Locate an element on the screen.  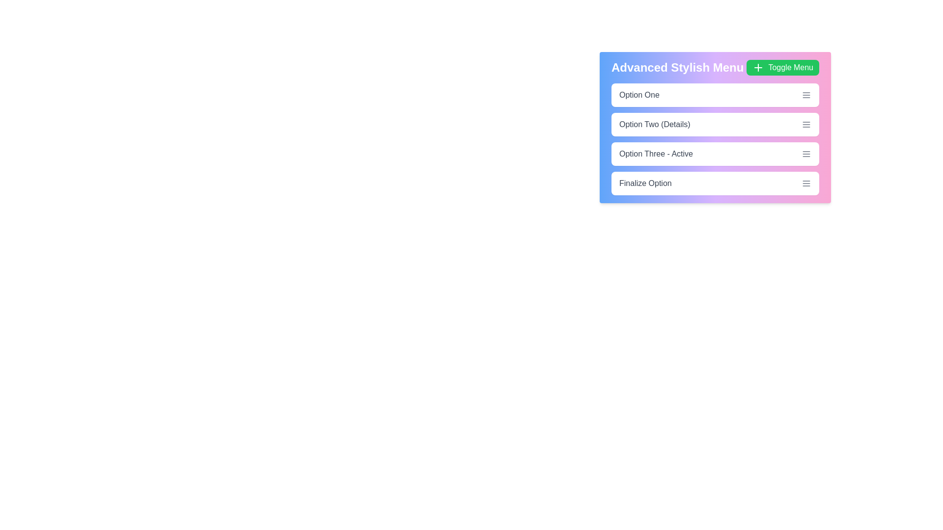
the menu icon next to Option One is located at coordinates (806, 95).